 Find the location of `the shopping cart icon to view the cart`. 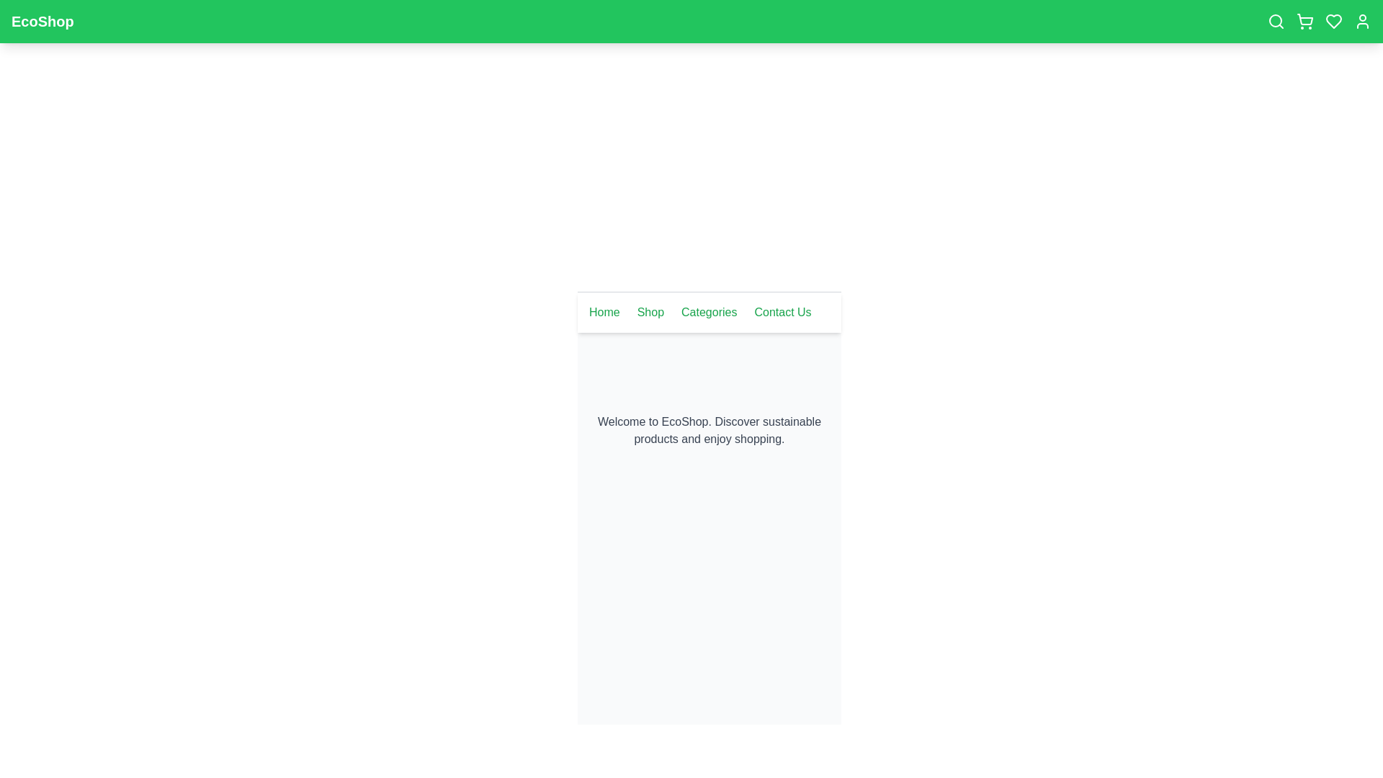

the shopping cart icon to view the cart is located at coordinates (1304, 22).